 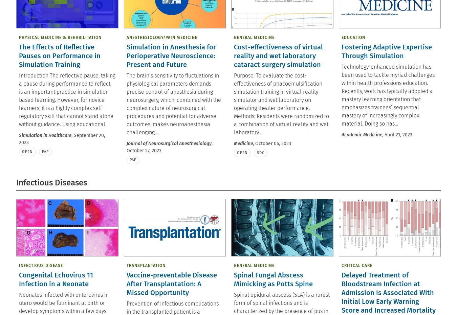 I want to click on '© 2023', so click(x=23, y=70).